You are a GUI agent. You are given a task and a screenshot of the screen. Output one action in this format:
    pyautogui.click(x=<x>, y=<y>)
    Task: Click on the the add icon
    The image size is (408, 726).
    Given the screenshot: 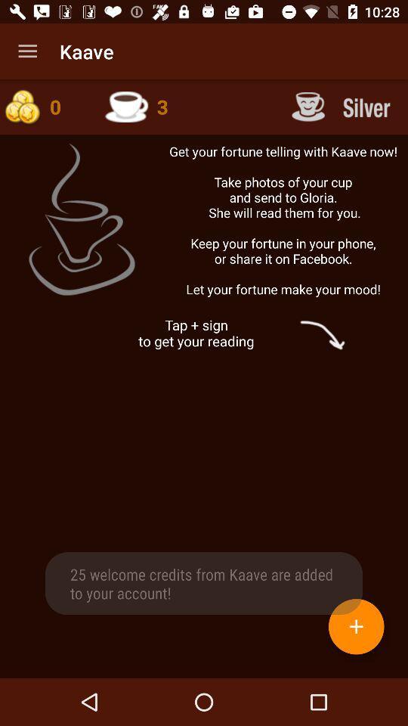 What is the action you would take?
    pyautogui.click(x=356, y=626)
    